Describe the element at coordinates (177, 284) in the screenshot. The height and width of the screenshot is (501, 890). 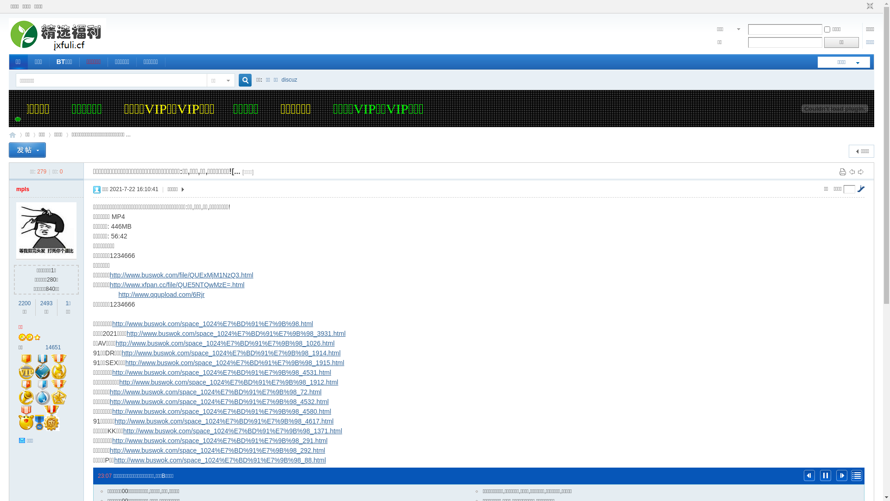
I see `'http://www.xfpan.cc/file/QUE5NTQwMzE=.html'` at that location.